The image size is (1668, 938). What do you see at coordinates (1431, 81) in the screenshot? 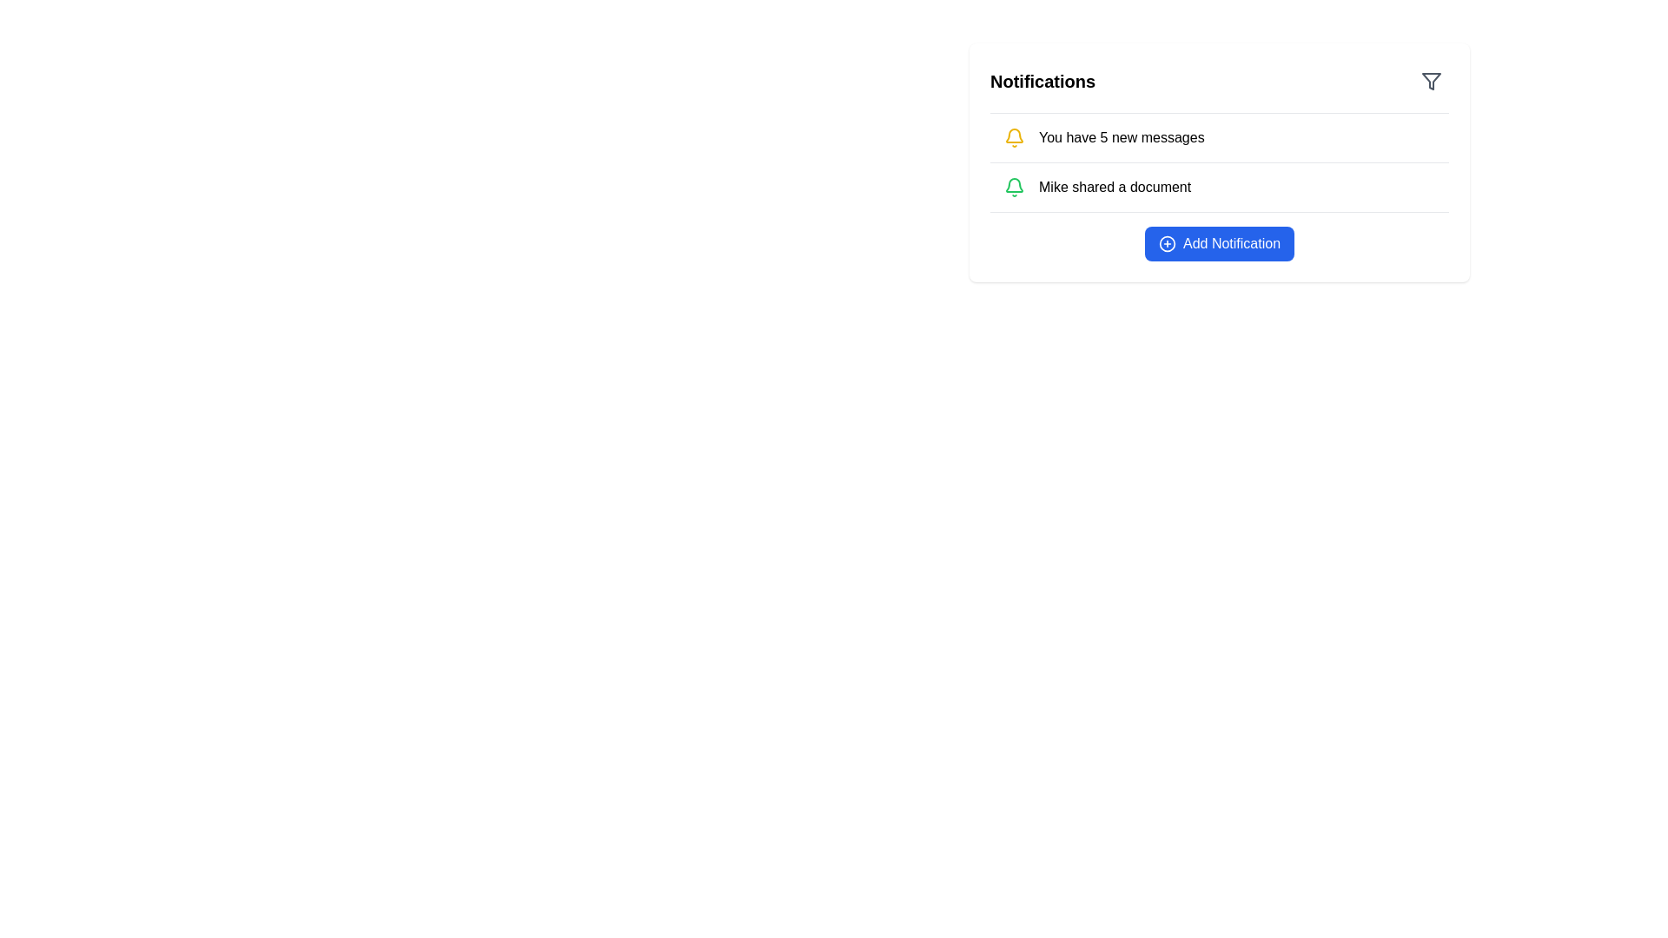
I see `the decorative SVG icon of a filtering funnel located in the top-right corner of the notification panel` at bounding box center [1431, 81].